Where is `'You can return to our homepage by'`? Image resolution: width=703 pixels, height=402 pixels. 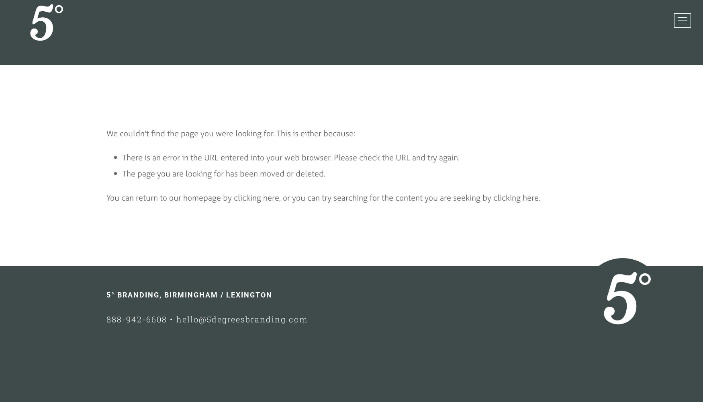
'You can return to our homepage by' is located at coordinates (170, 197).